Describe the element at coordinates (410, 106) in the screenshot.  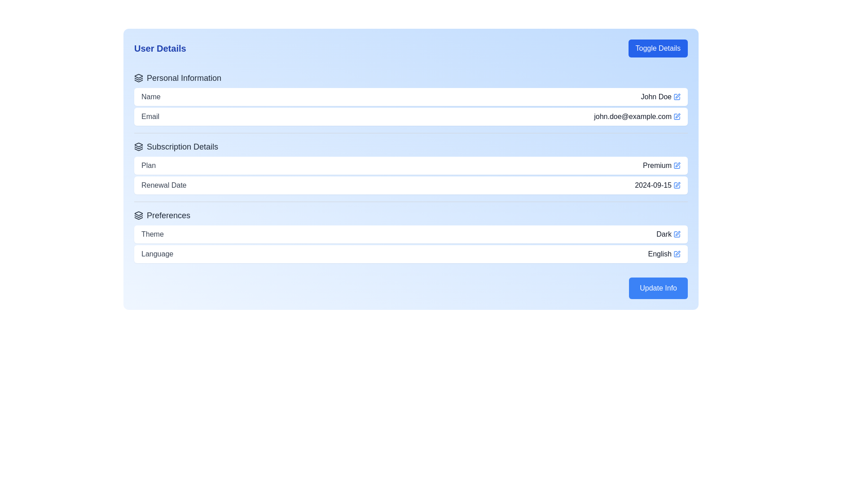
I see `the grouped informational display containing 'Name' and 'Email' fields, located in the 'Personal Information' segment` at that location.